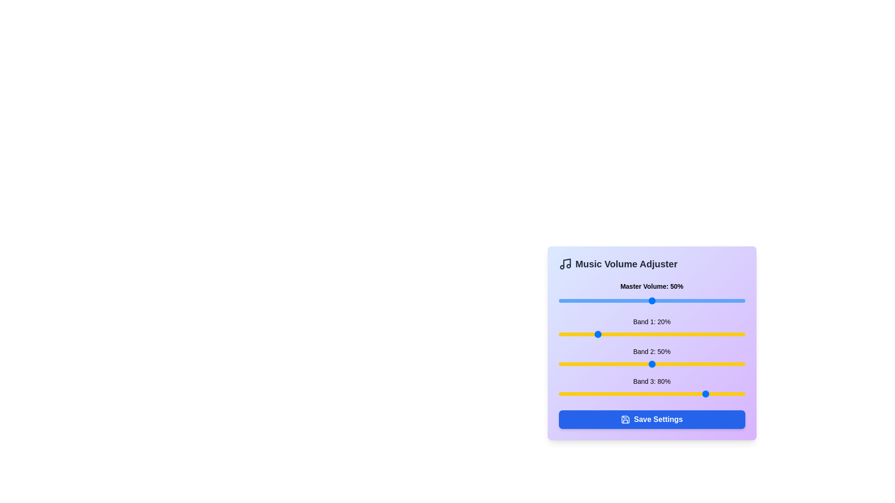 The image size is (895, 503). I want to click on the yellow slider labeled 'Band 3: 80%' to set a specific value, so click(651, 388).